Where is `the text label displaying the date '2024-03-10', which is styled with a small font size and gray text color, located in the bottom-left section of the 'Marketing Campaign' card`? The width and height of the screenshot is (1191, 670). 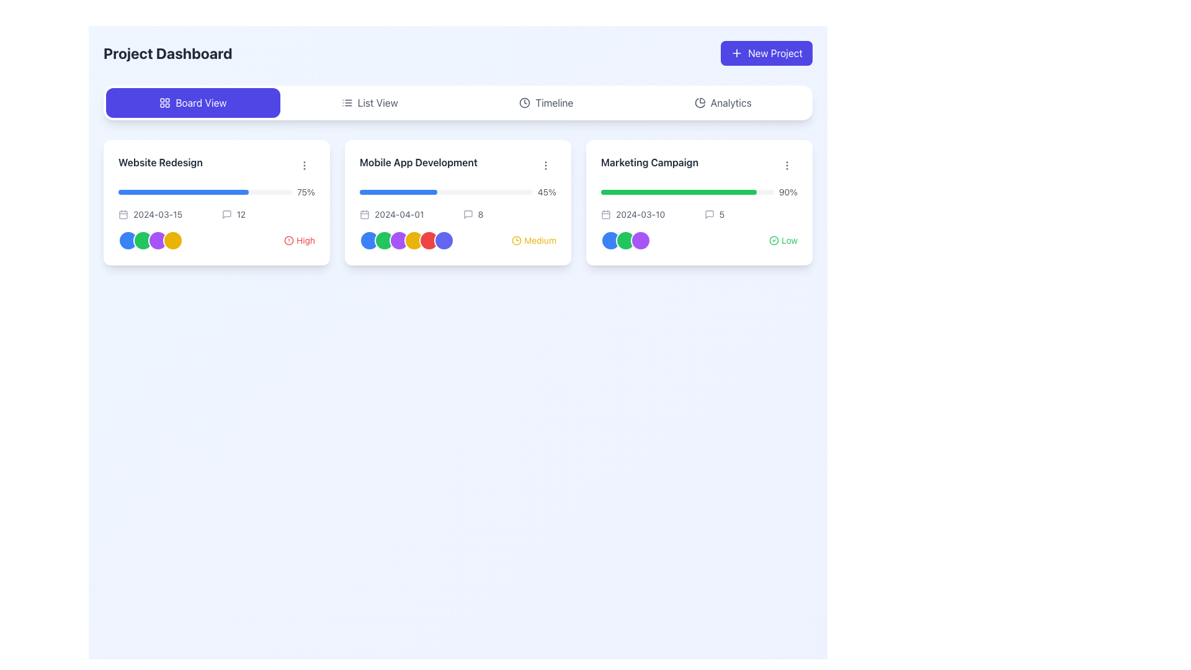 the text label displaying the date '2024-03-10', which is styled with a small font size and gray text color, located in the bottom-left section of the 'Marketing Campaign' card is located at coordinates (640, 214).